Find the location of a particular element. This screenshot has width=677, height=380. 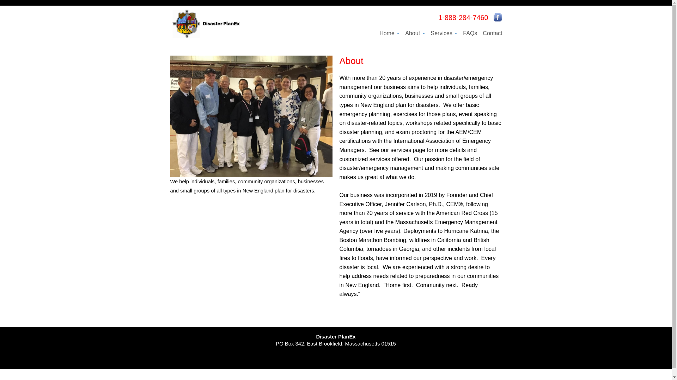

'Home' is located at coordinates (389, 33).